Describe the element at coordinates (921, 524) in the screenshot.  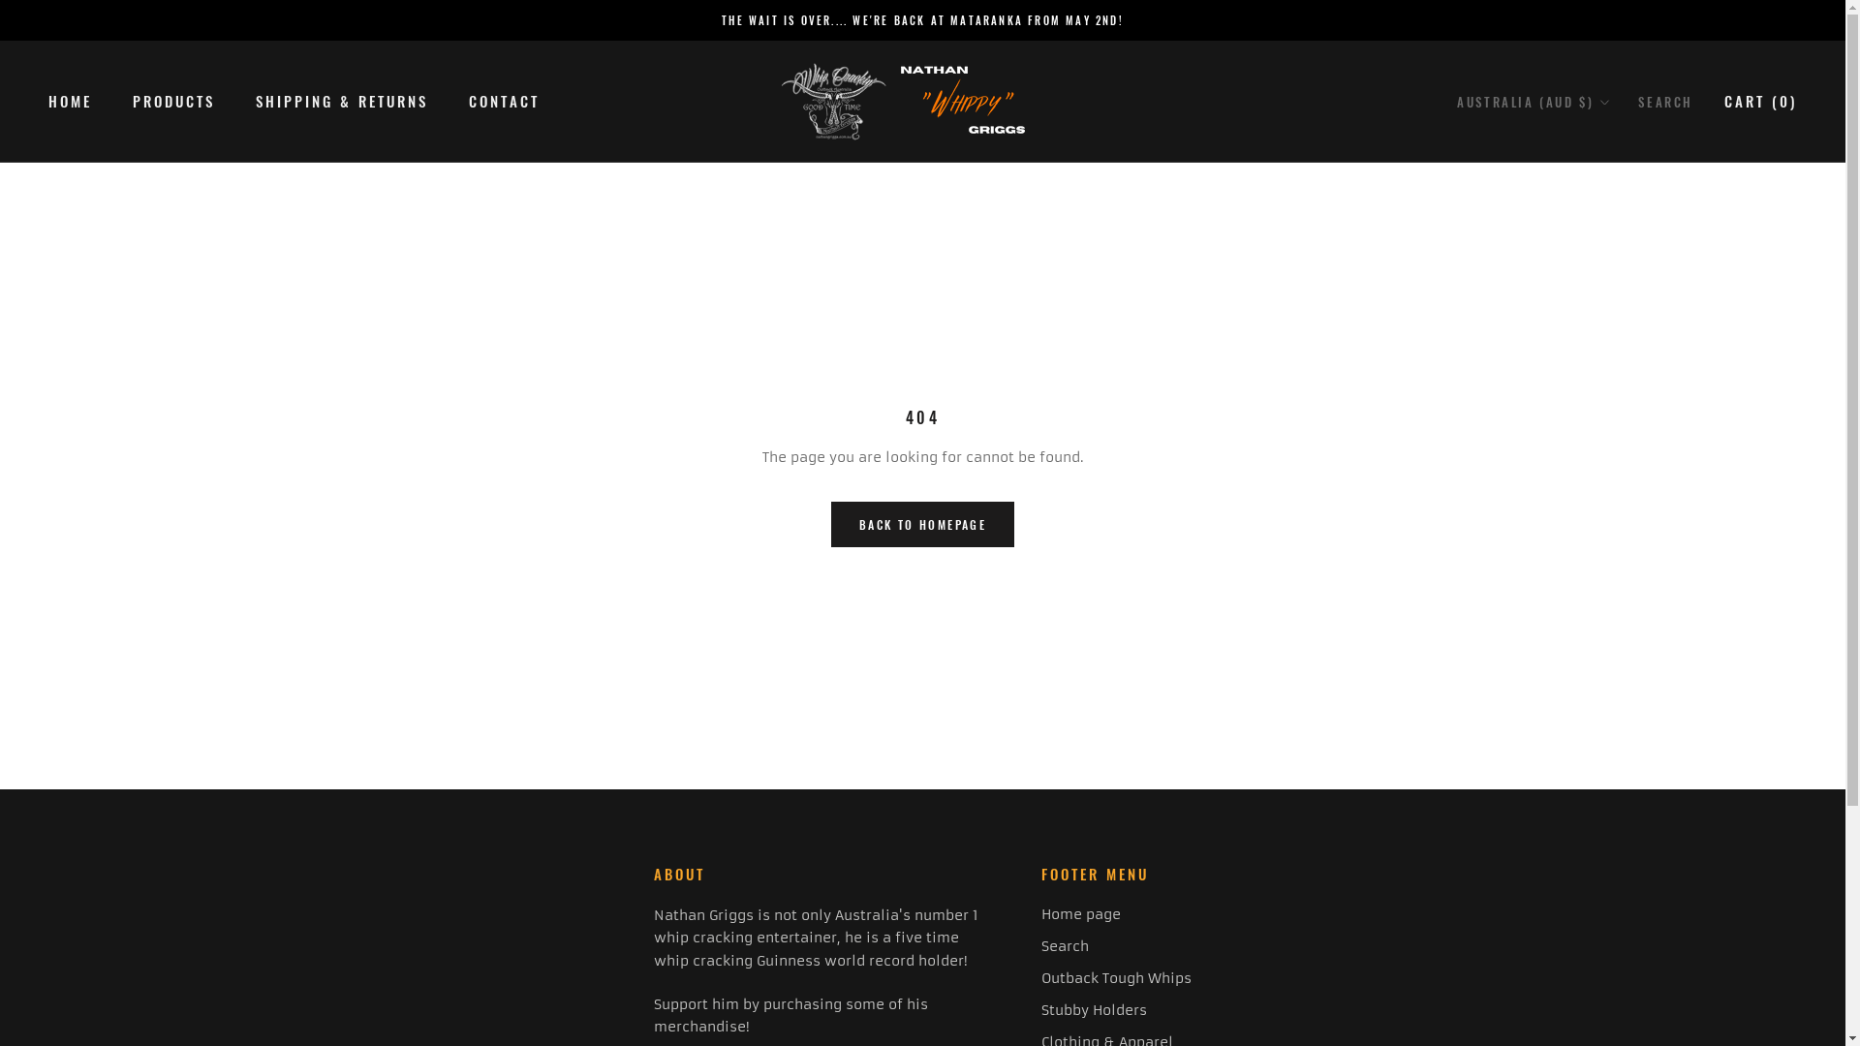
I see `'BACK TO HOMEPAGE'` at that location.